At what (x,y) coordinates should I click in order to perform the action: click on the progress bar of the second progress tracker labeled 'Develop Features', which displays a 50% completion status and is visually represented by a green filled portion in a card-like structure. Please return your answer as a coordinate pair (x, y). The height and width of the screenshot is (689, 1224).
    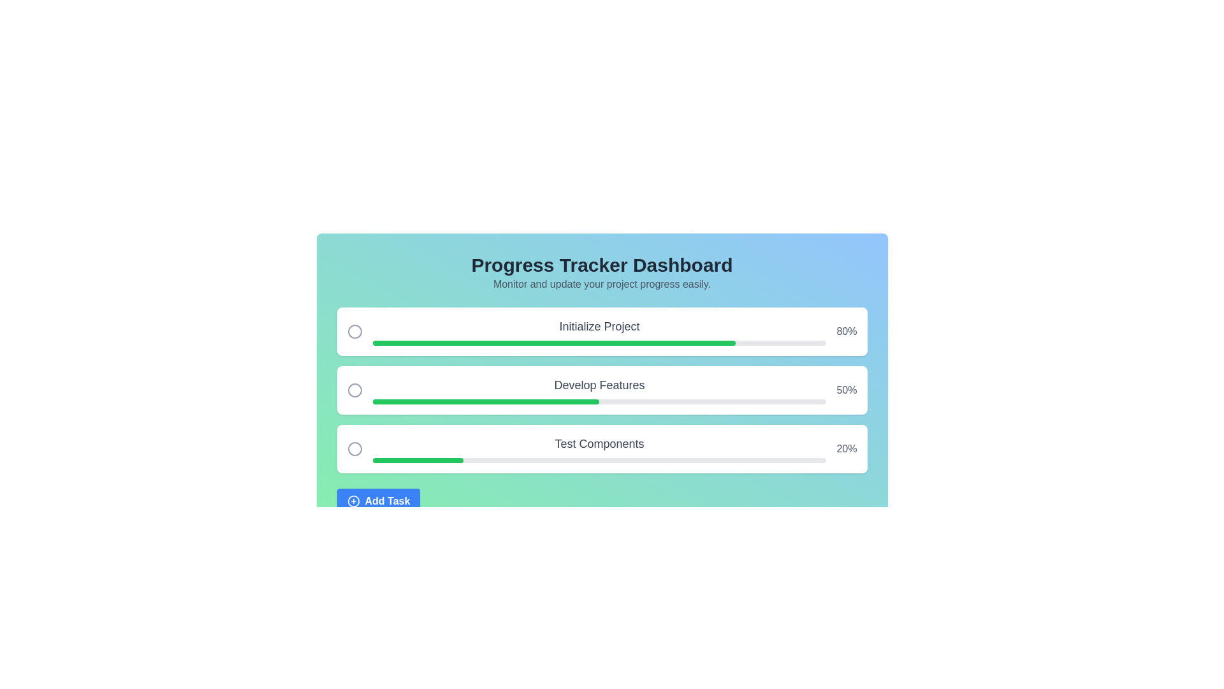
    Looking at the image, I should click on (601, 390).